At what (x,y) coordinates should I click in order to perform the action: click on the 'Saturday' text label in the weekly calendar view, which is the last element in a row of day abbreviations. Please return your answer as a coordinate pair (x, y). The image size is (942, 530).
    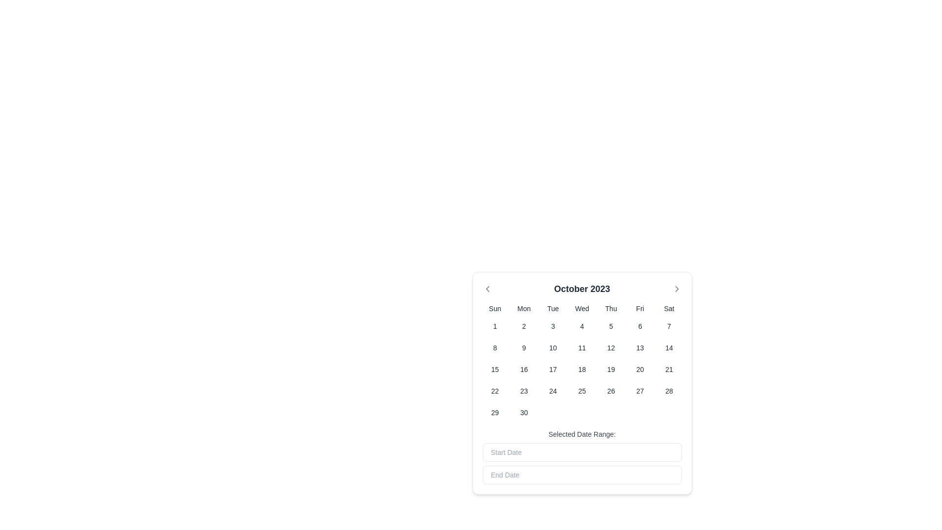
    Looking at the image, I should click on (668, 308).